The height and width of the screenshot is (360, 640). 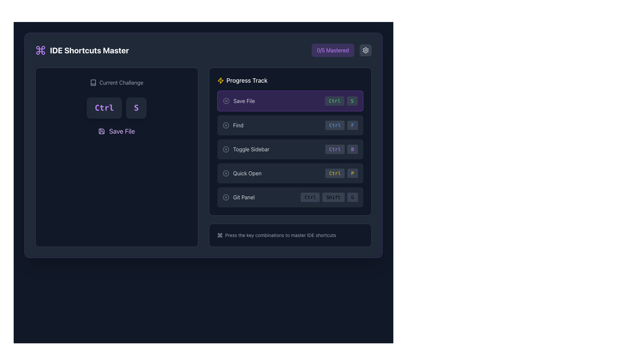 What do you see at coordinates (352, 101) in the screenshot?
I see `the button-like label with a dark gray background and a green letter 'S', located in the 'Progress Track' section under 'Save File'` at bounding box center [352, 101].